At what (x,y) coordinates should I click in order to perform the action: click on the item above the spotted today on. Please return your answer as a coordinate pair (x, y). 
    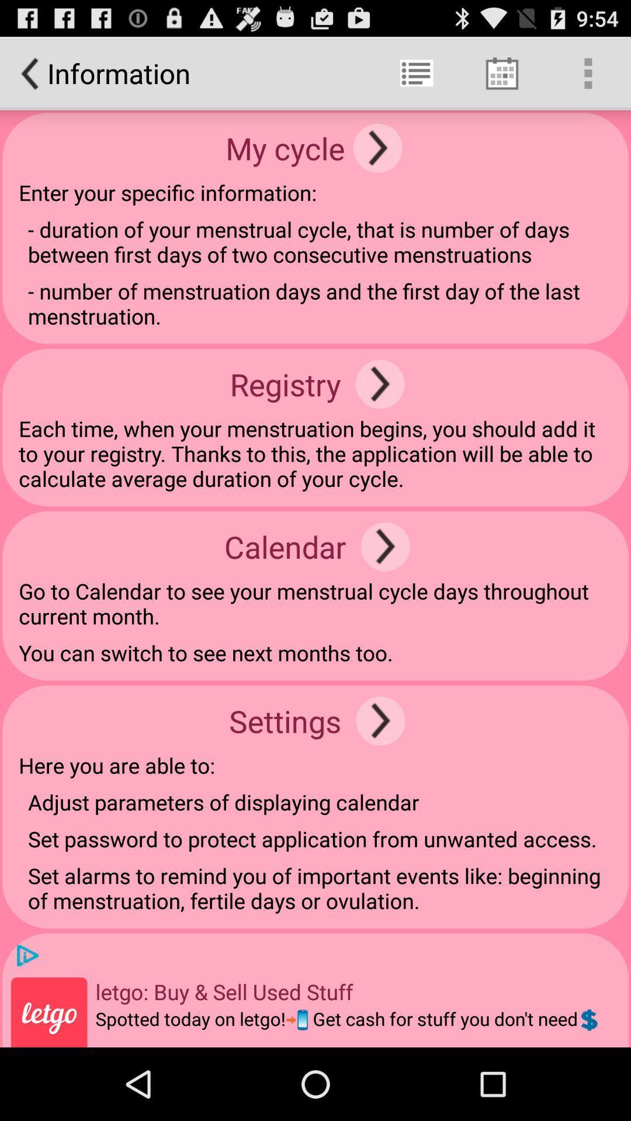
    Looking at the image, I should click on (224, 991).